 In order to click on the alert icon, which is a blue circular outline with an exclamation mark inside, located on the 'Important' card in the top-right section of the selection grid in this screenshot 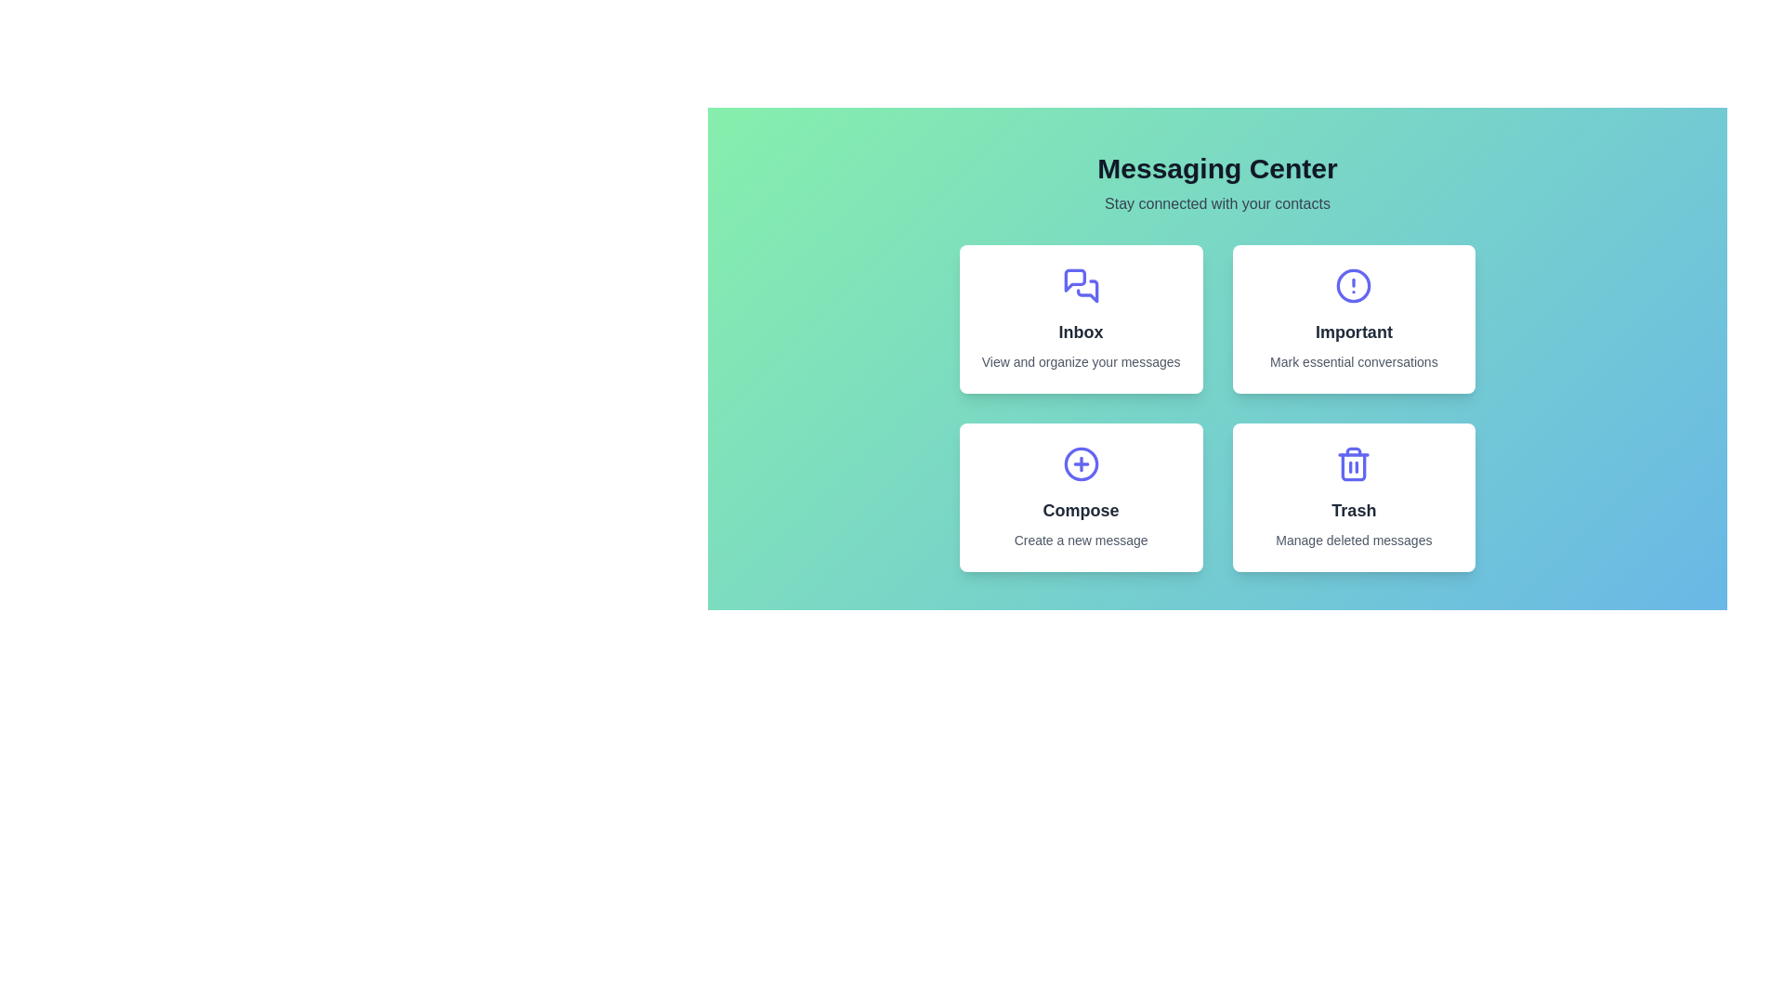, I will do `click(1354, 286)`.